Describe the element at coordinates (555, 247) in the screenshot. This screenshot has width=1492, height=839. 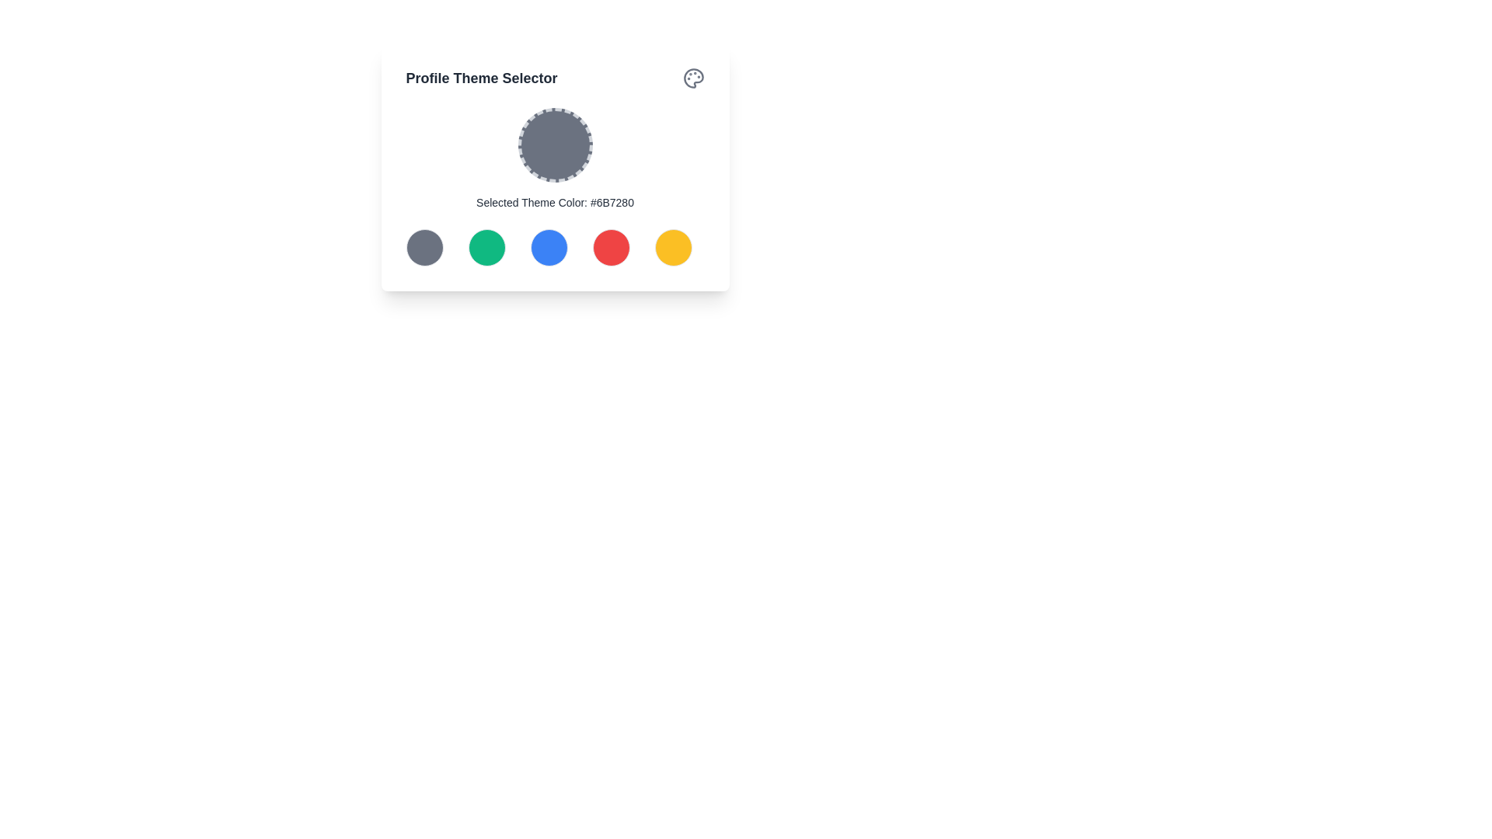
I see `the color circle in the Grid layout of the 'Profile Theme Selector' card` at that location.